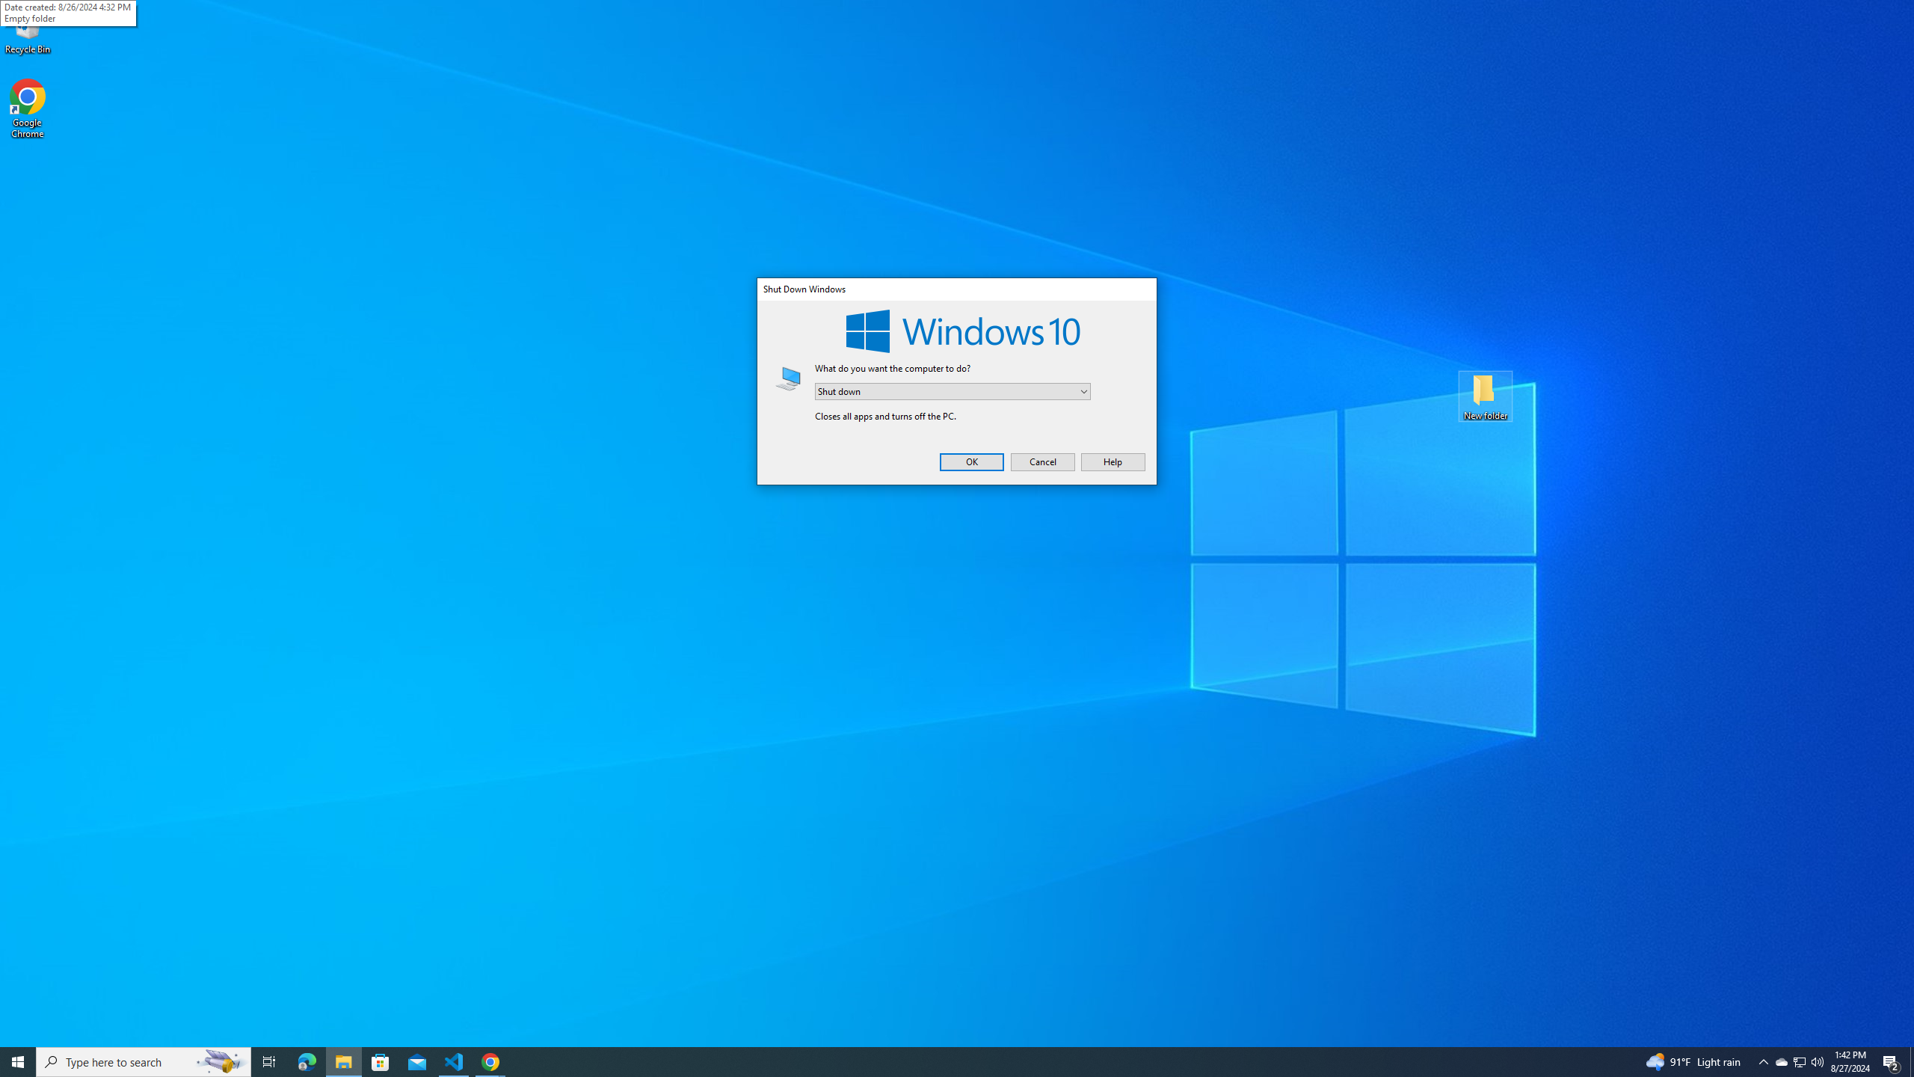 This screenshot has width=1914, height=1077. What do you see at coordinates (454, 1061) in the screenshot?
I see `'Visual Studio Code - 1 running window'` at bounding box center [454, 1061].